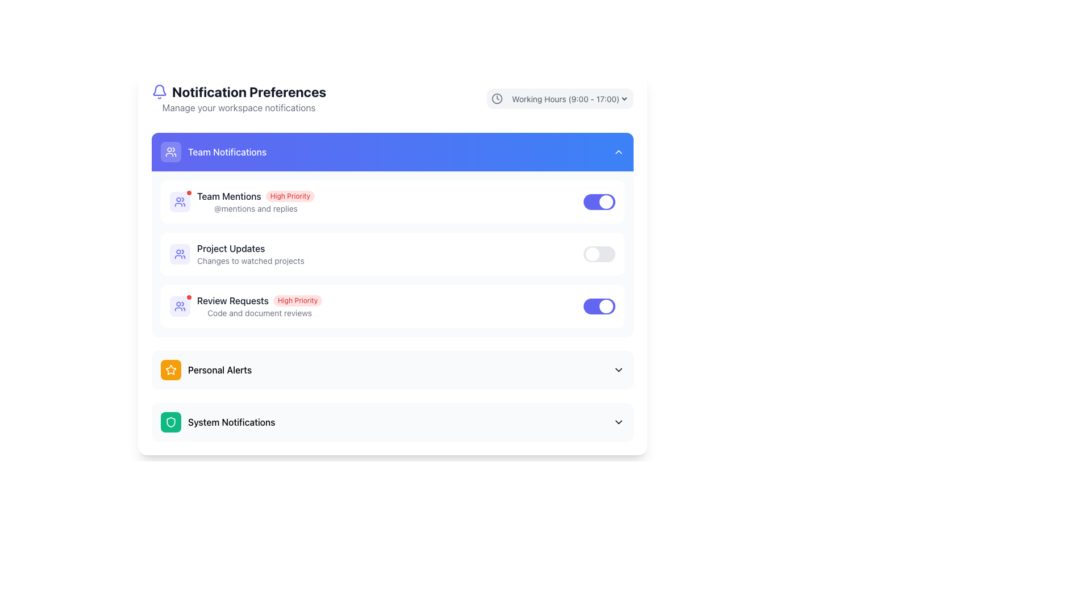  Describe the element at coordinates (220, 370) in the screenshot. I see `text label indicating 'Personal Alerts' located under the 'Team Notifications' heading` at that location.